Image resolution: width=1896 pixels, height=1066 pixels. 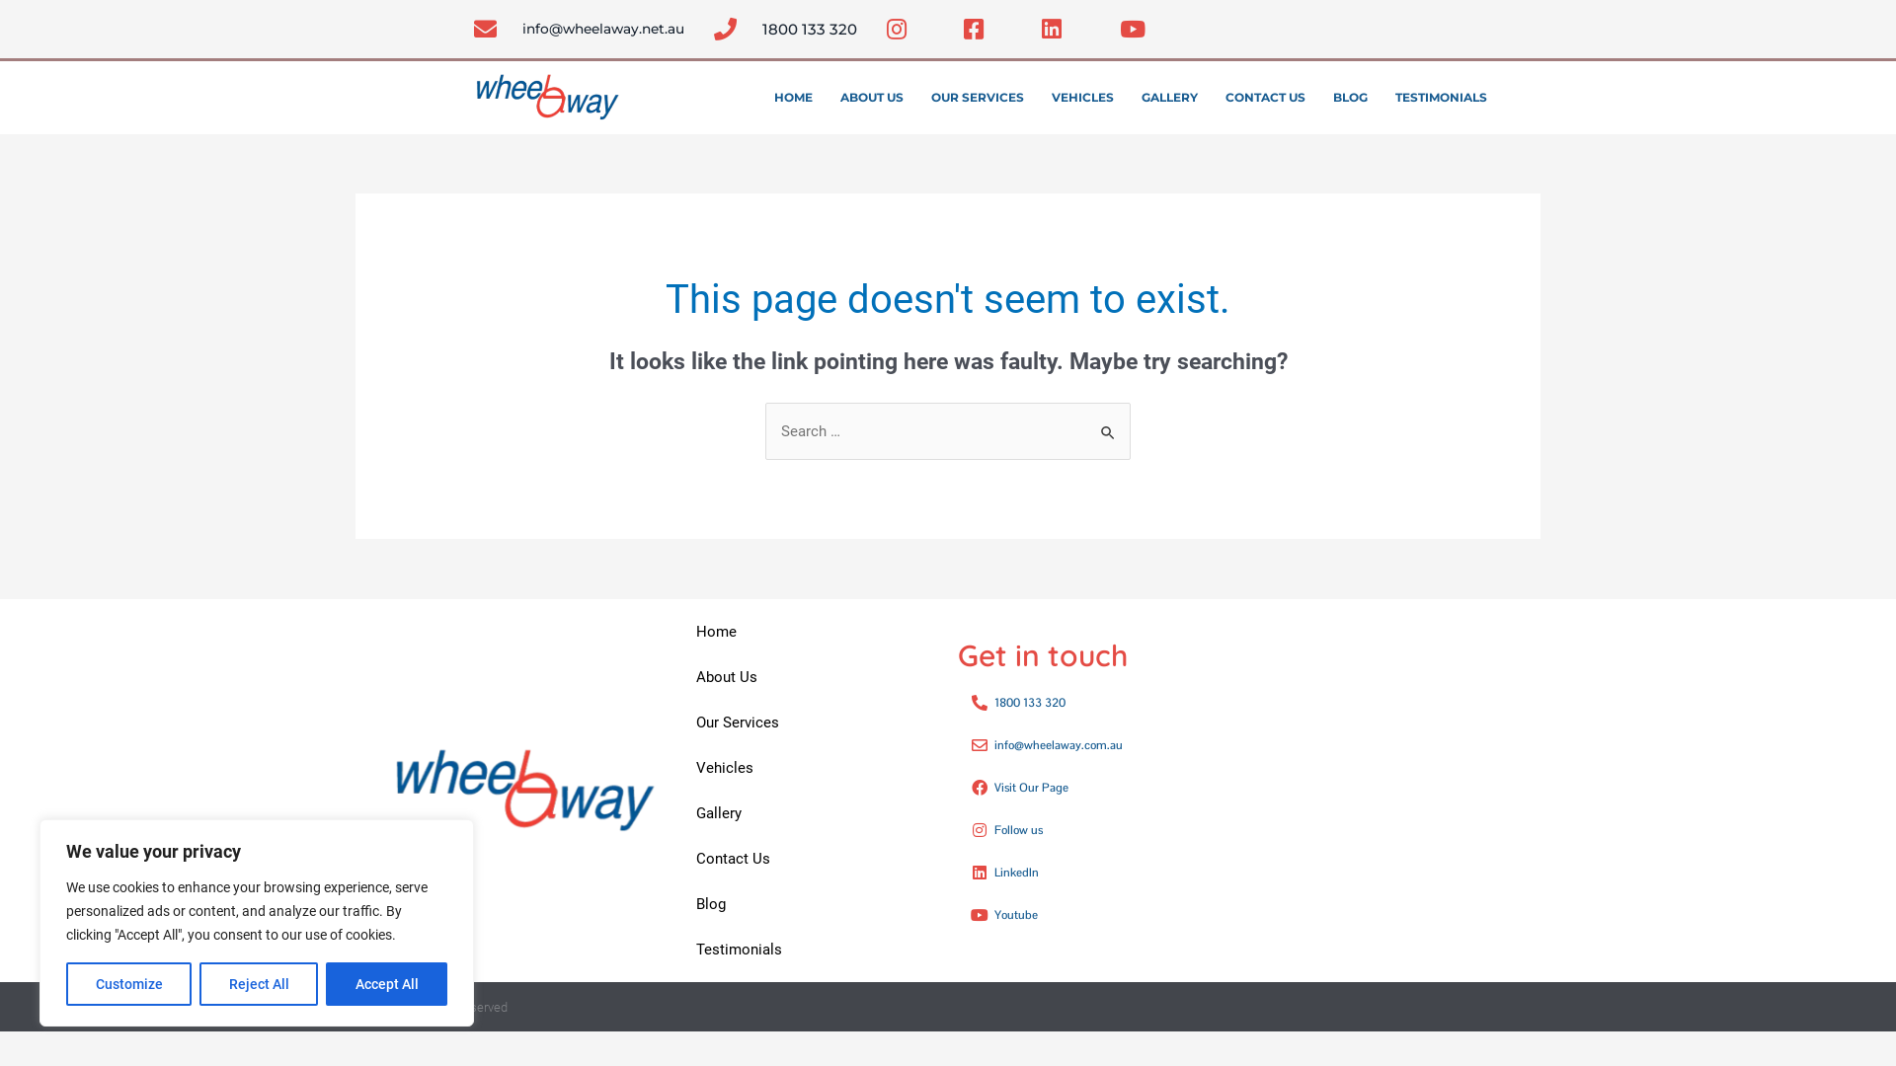 What do you see at coordinates (807, 948) in the screenshot?
I see `'Testimonials'` at bounding box center [807, 948].